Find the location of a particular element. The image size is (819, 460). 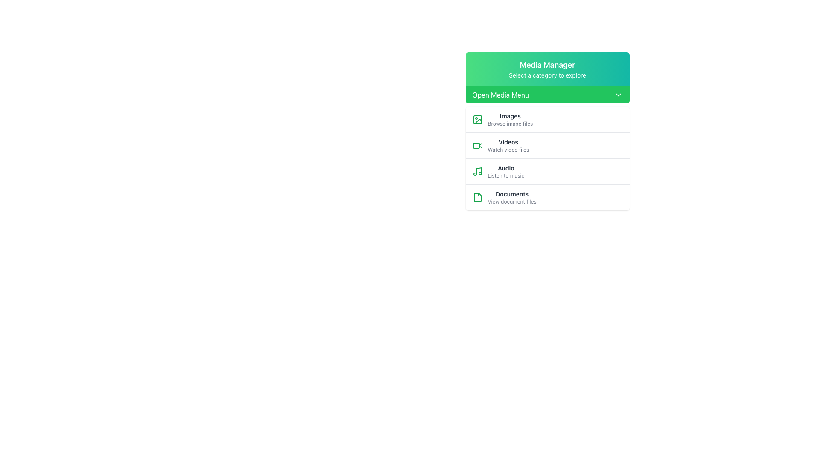

the text label indicating the section related to documents in the Media Manager menu, which is the fourth item in the list is located at coordinates (512, 194).